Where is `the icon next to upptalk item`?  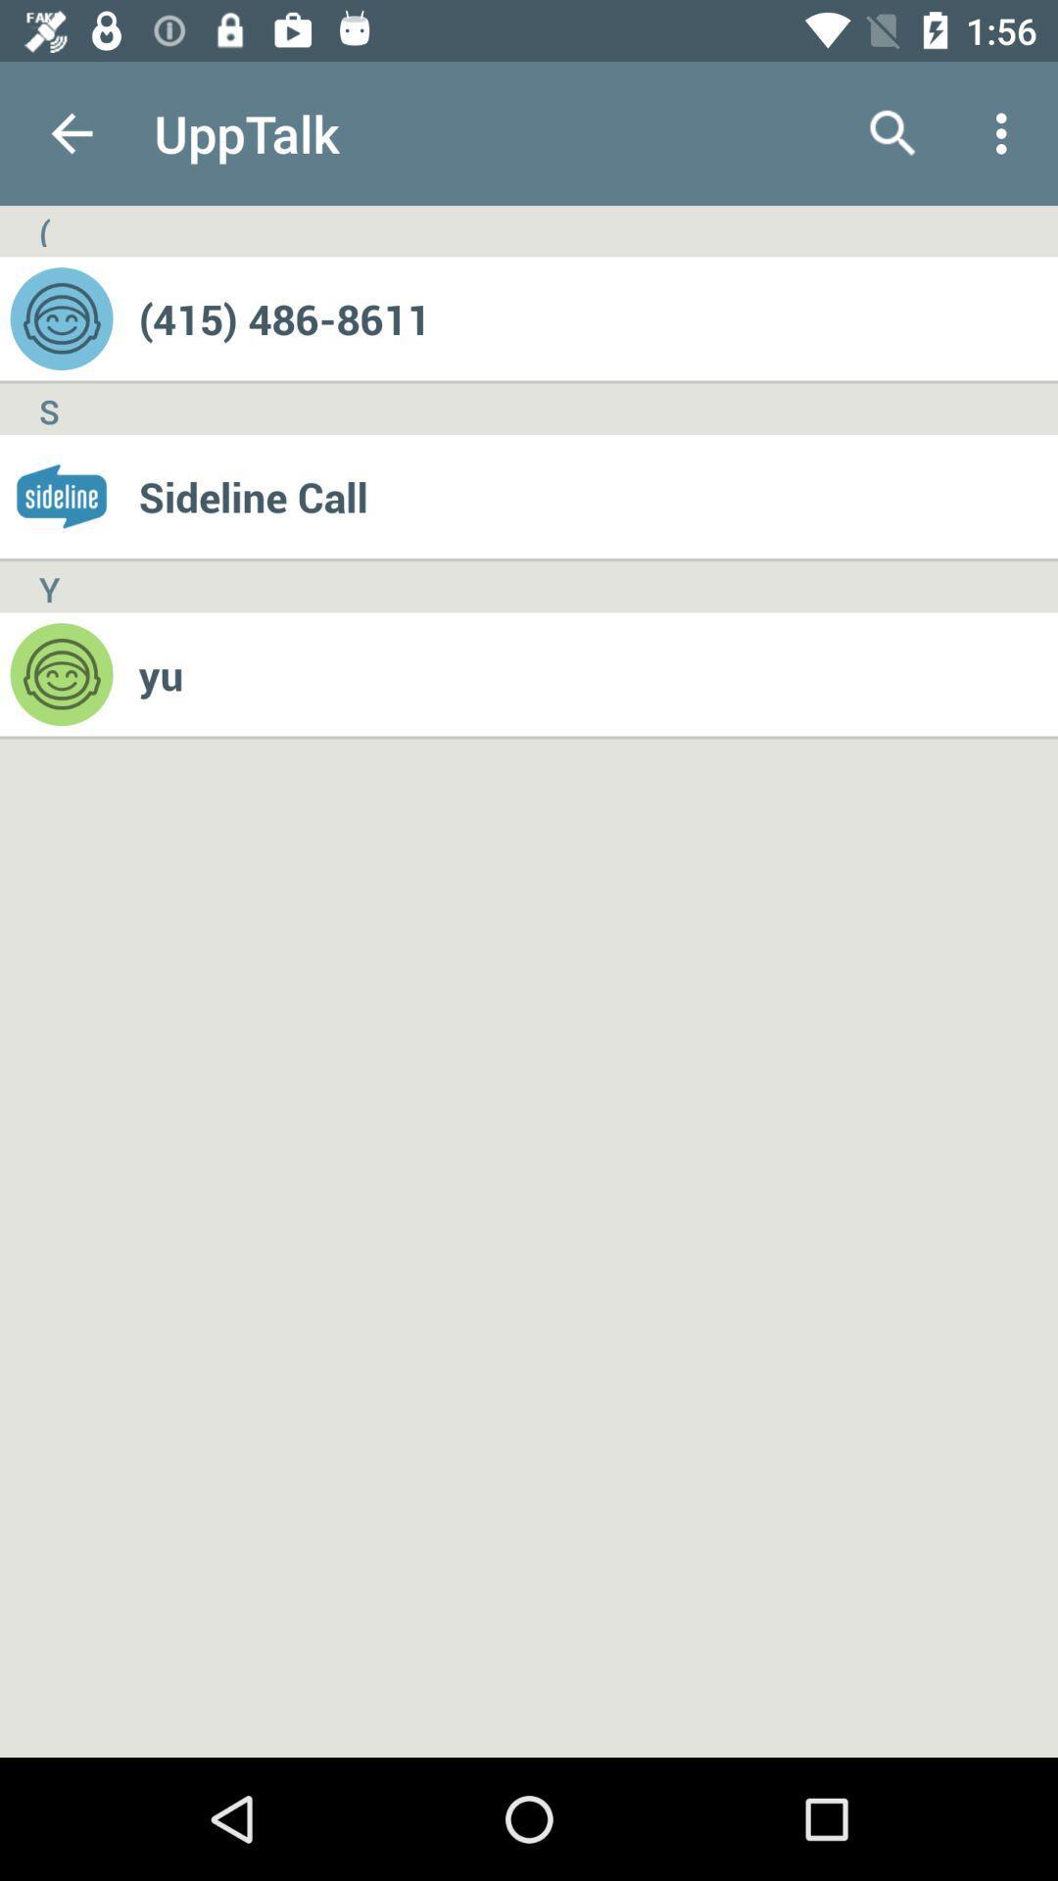
the icon next to upptalk item is located at coordinates (892, 132).